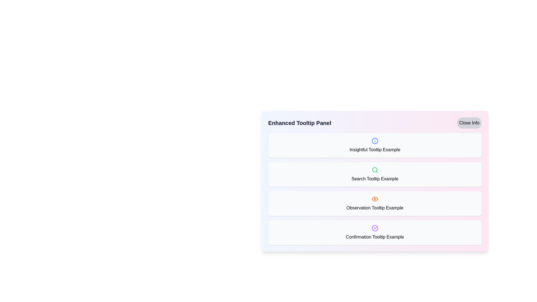 This screenshot has height=302, width=537. I want to click on the text label that reads 'Search Tooltip Example', which is styled with centered alignment and is located within a rectangular section with rounded edges, accompanied by a green magnifying glass icon above it, so click(375, 179).